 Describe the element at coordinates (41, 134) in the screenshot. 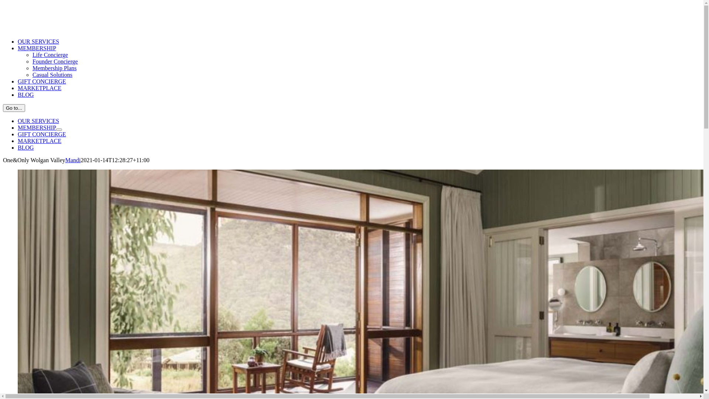

I see `'GIFT CONCIERGE'` at that location.